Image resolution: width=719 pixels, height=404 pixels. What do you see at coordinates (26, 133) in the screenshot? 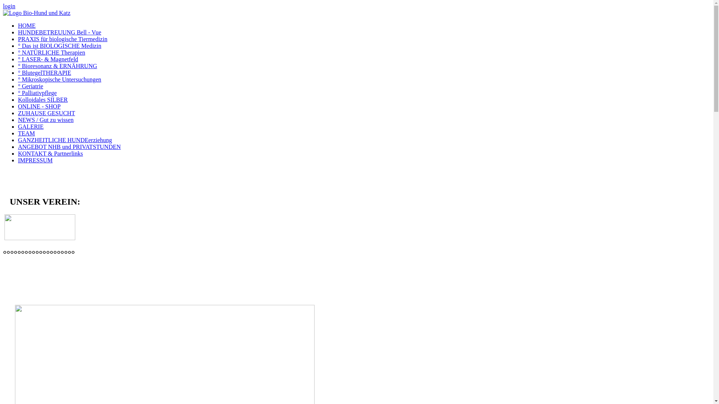
I see `'TEAM'` at bounding box center [26, 133].